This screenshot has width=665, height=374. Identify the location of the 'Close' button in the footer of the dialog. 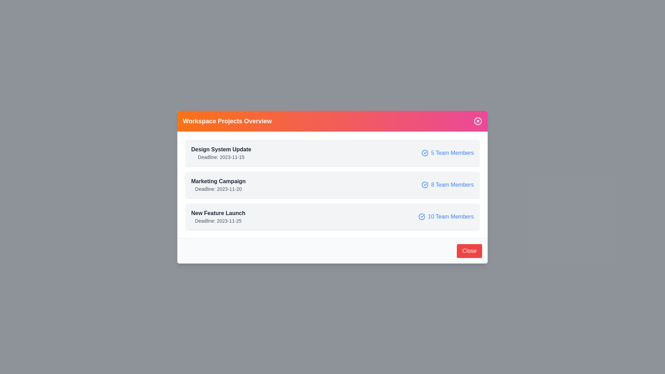
(469, 251).